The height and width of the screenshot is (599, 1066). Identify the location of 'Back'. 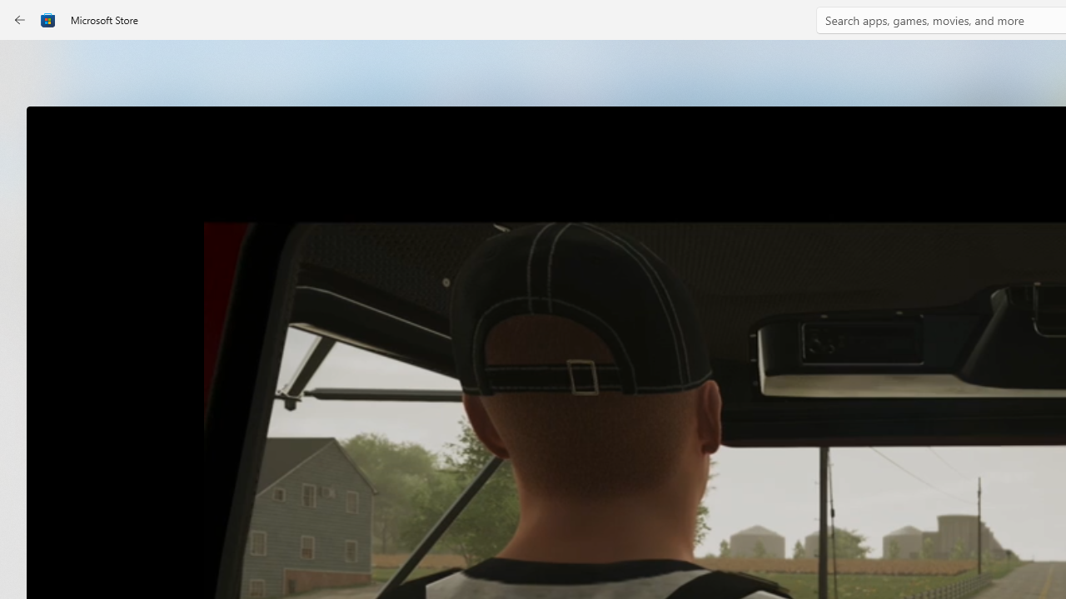
(20, 20).